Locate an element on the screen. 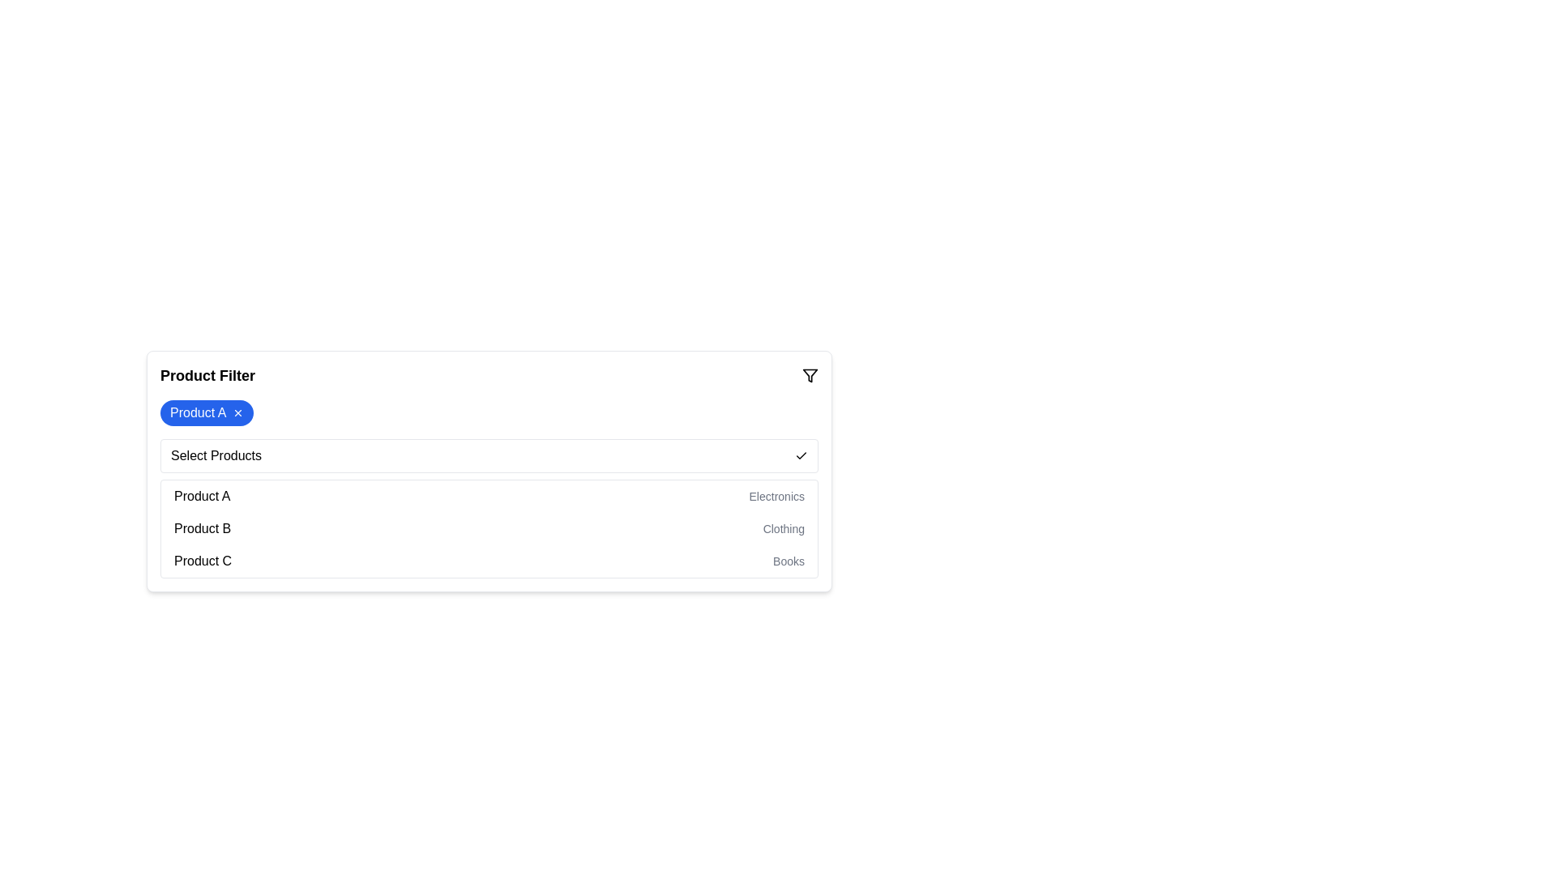 This screenshot has height=875, width=1556. the text label displaying 'Electronics', which is a smaller, lighter gray font indicating a secondary nature, located on the right side of 'Product A' is located at coordinates (776, 496).